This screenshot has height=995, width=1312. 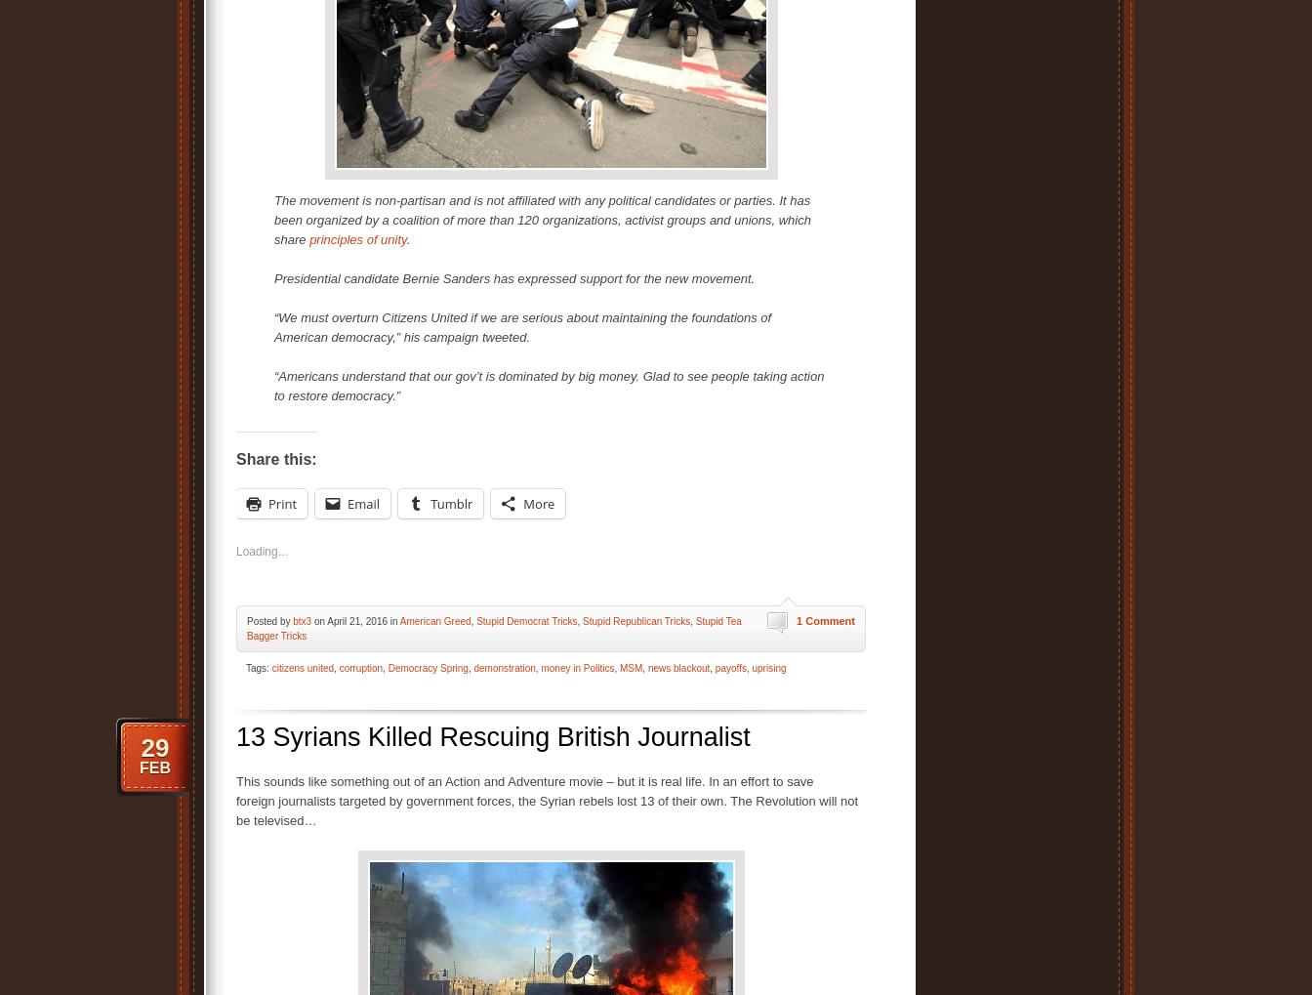 What do you see at coordinates (282, 504) in the screenshot?
I see `'Print'` at bounding box center [282, 504].